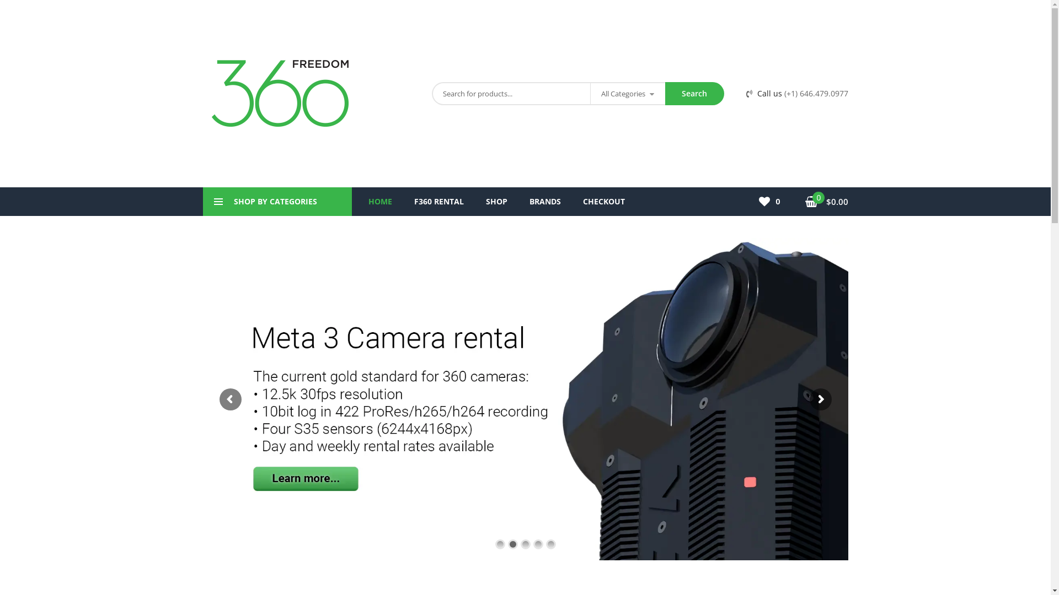 Image resolution: width=1059 pixels, height=595 pixels. I want to click on 'All Categories', so click(627, 93).